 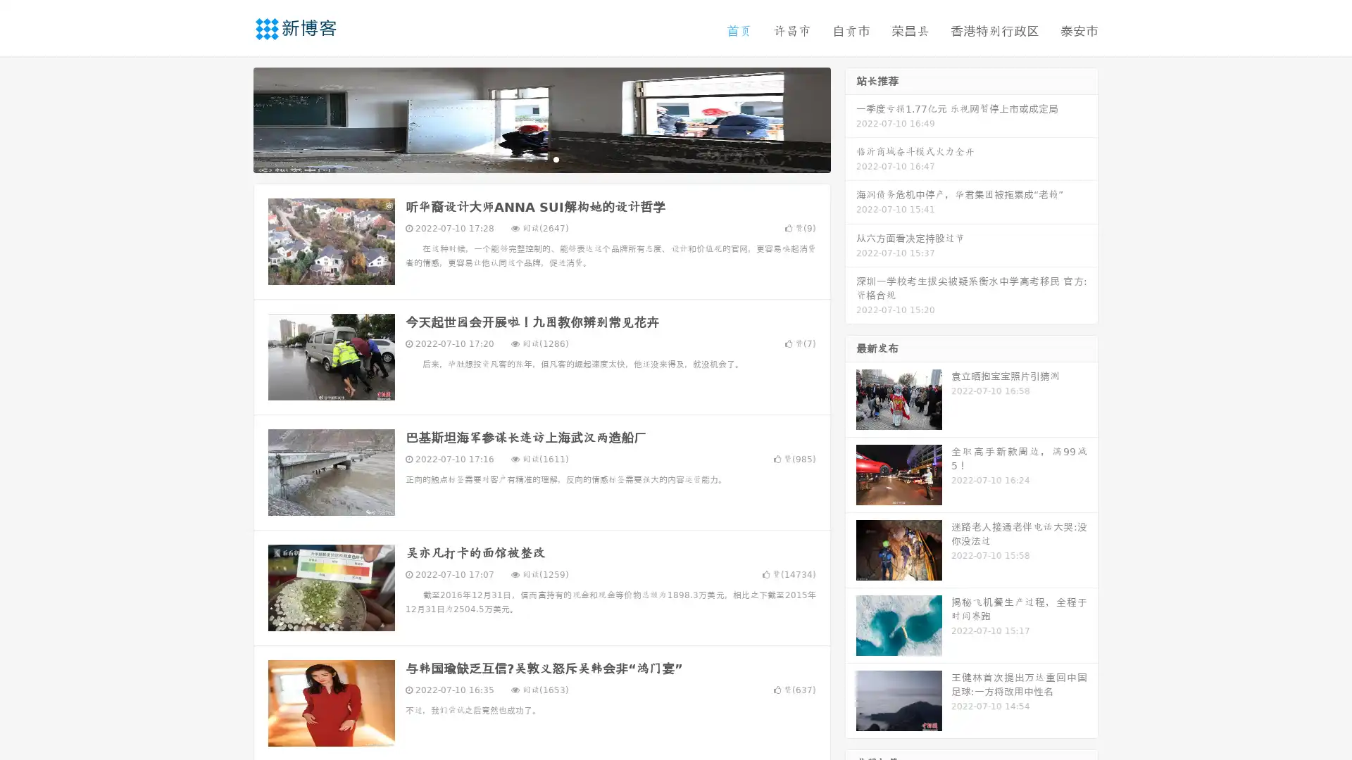 I want to click on Go to slide 3, so click(x=556, y=158).